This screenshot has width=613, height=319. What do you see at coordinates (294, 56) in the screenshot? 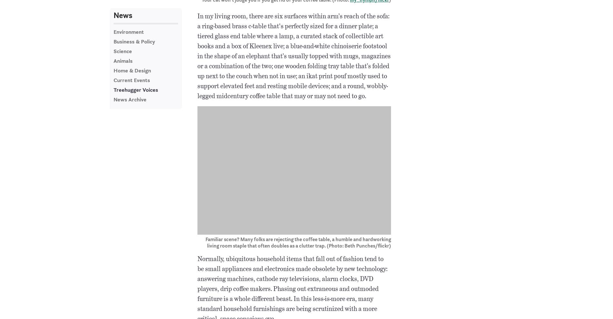
I see `'In my living room, there are six surfaces within arm’s reach of the sofa: a ring-based brass c-table that's perfectly sized for a dinner plate; a tiered glass end table where a lamp, a curated stack of collectible art books and a box of Kleenex live; a blue-and-white chinoiserie footstool in the shape of an elephant that’s usually topped with mugs, magazines or a combination of the two; one wooden folding tray table that’s folded up next to the couch when not in use; an ikat print pouf mostly used to support elevated feet and resting mobile devices; and a round, wobbly-legged midcentury coffee table that may or may not need to go.'` at bounding box center [294, 56].